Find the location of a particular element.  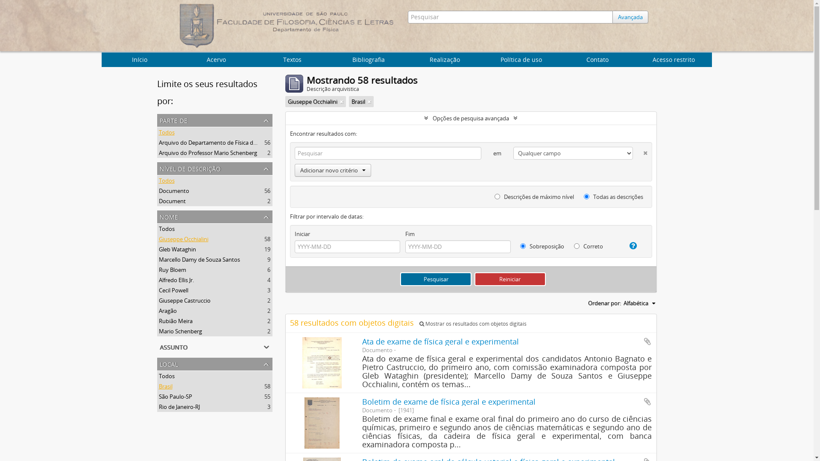

'Rio de Janeiro-RJ' is located at coordinates (179, 406).